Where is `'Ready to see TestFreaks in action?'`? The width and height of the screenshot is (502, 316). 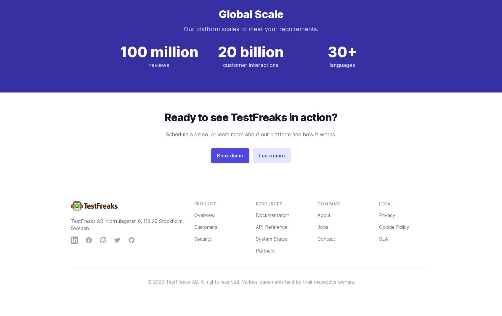 'Ready to see TestFreaks in action?' is located at coordinates (251, 117).